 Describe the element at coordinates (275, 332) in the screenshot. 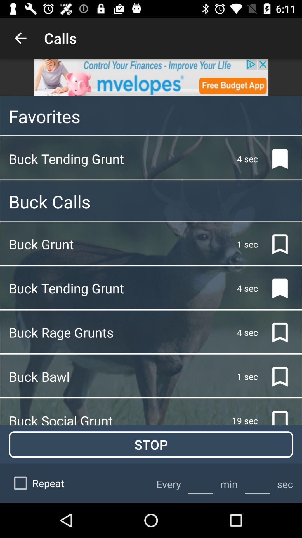

I see `the bookmark icon` at that location.